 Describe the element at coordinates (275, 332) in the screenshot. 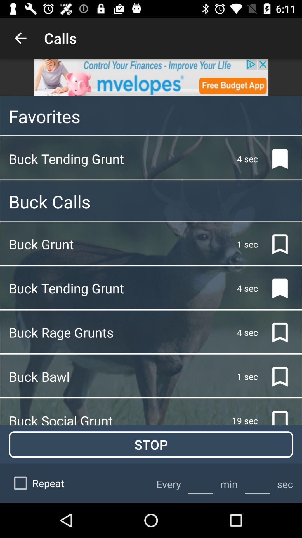

I see `the bookmark icon` at that location.